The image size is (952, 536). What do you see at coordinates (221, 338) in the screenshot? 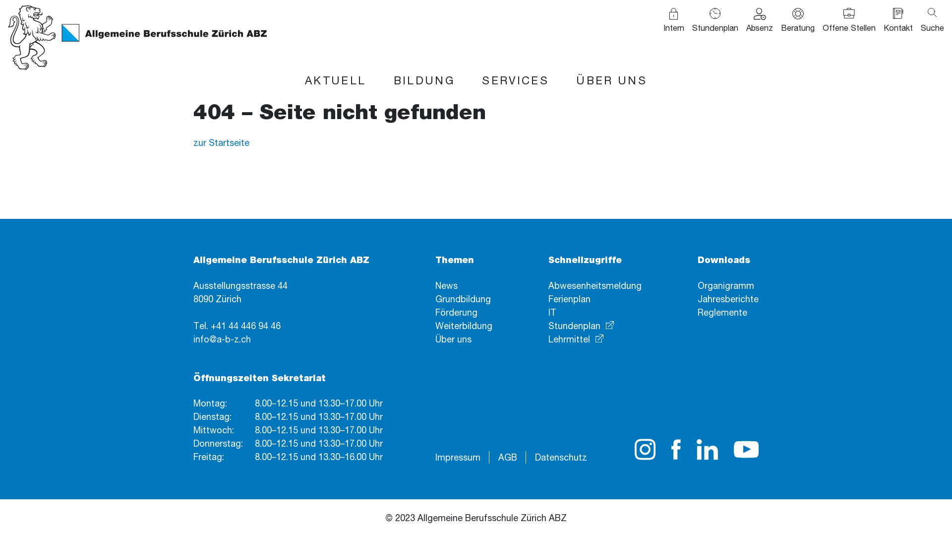
I see `'info@a-b-z.ch'` at bounding box center [221, 338].